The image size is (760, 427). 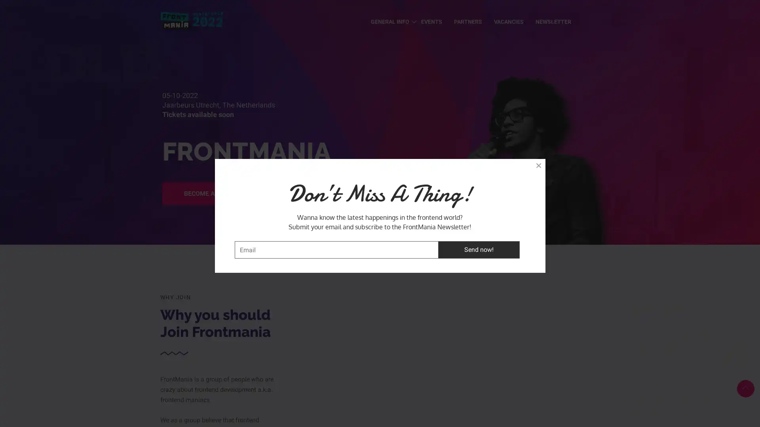 I want to click on Send now!, so click(x=478, y=249).